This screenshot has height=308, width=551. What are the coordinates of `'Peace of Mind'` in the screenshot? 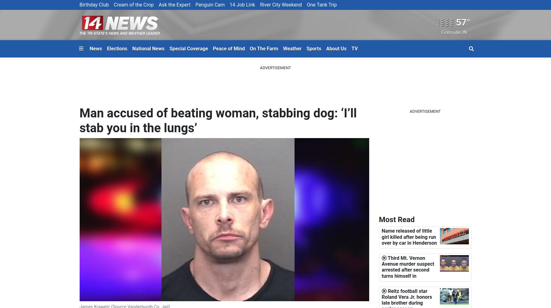 It's located at (228, 48).